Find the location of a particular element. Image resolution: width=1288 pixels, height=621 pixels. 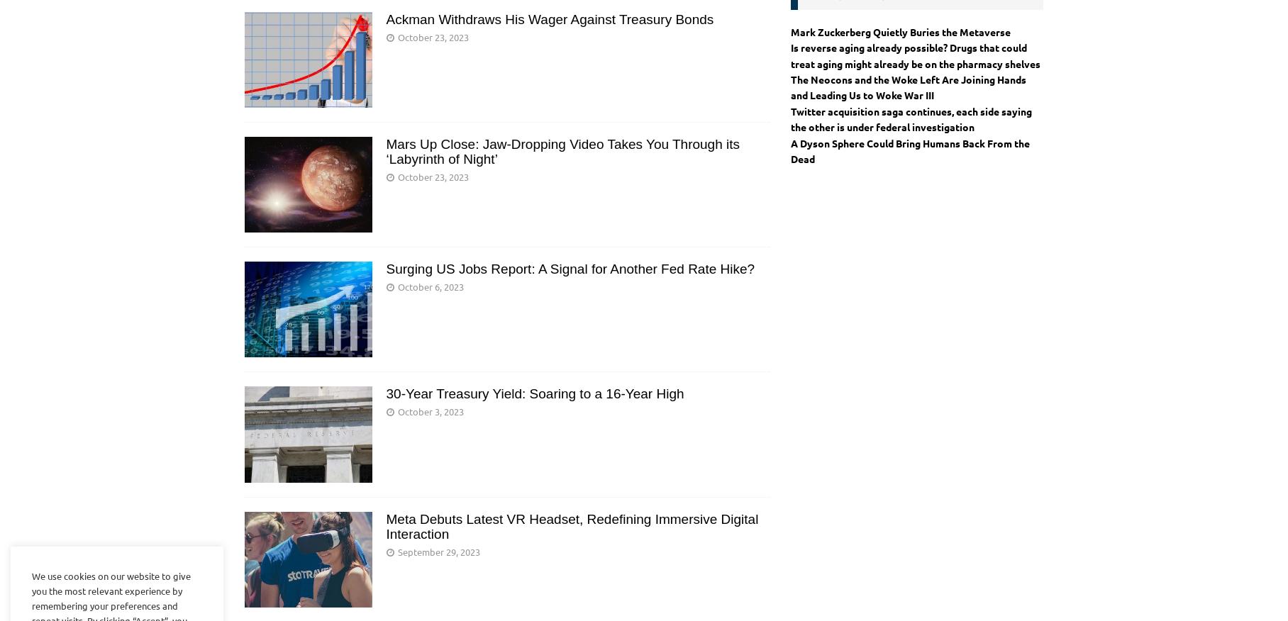

'Twitter acquisition saga continues, each side saying the other is under federal investigation' is located at coordinates (909, 118).